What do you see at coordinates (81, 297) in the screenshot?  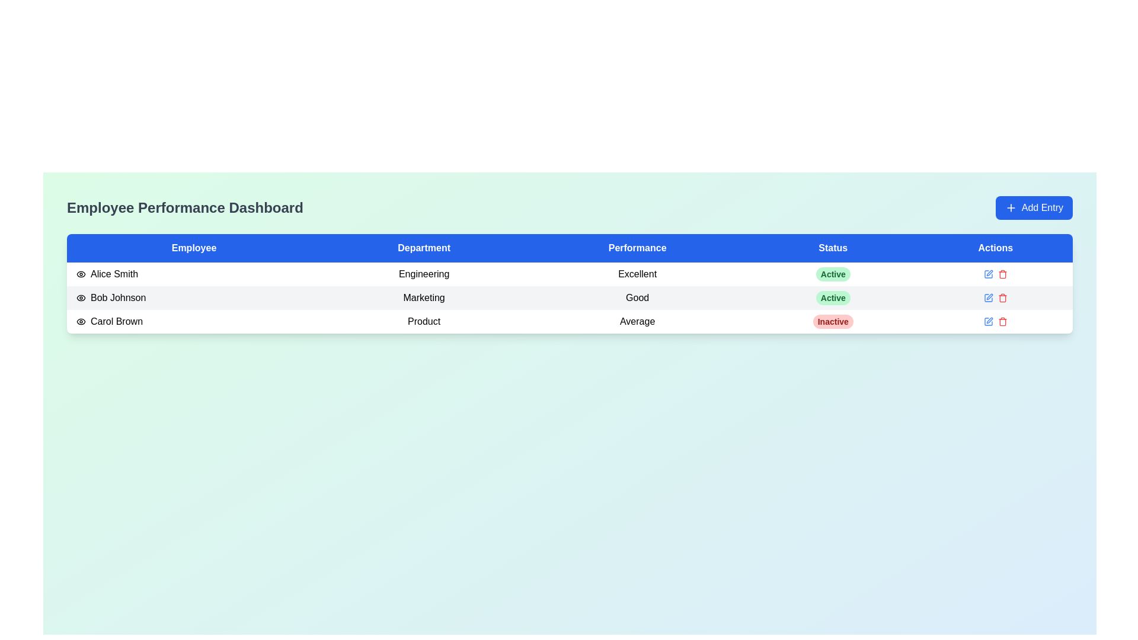 I see `the eye-shaped icon located to the left of 'Bob Johnson' in the 'Employee' column` at bounding box center [81, 297].